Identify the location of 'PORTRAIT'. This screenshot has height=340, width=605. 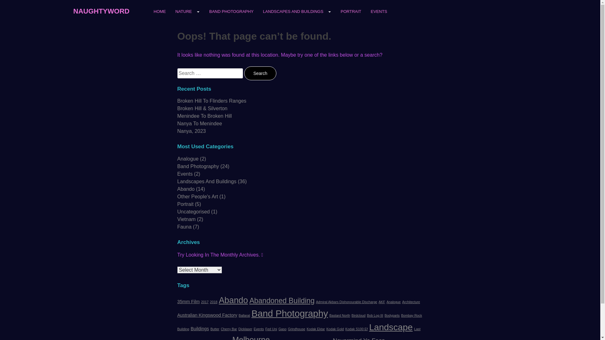
(350, 13).